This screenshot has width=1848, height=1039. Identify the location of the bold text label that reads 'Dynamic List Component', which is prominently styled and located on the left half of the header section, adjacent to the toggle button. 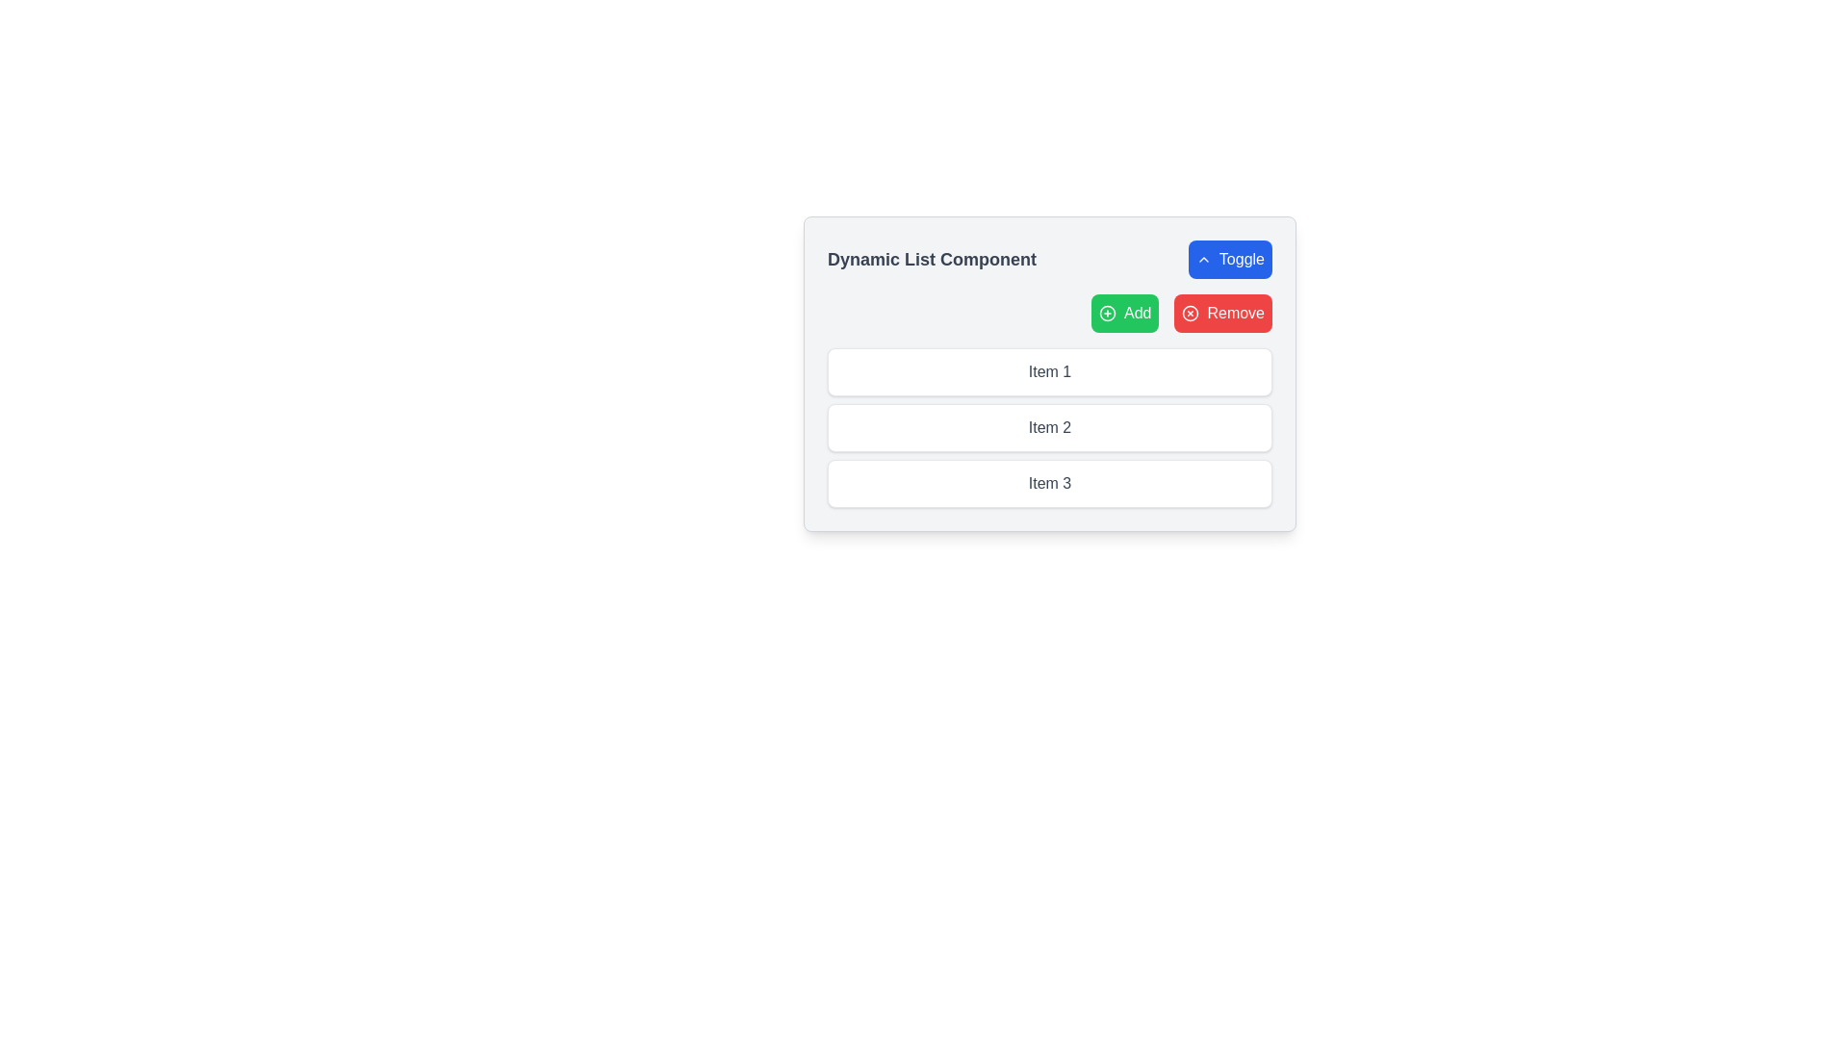
(932, 260).